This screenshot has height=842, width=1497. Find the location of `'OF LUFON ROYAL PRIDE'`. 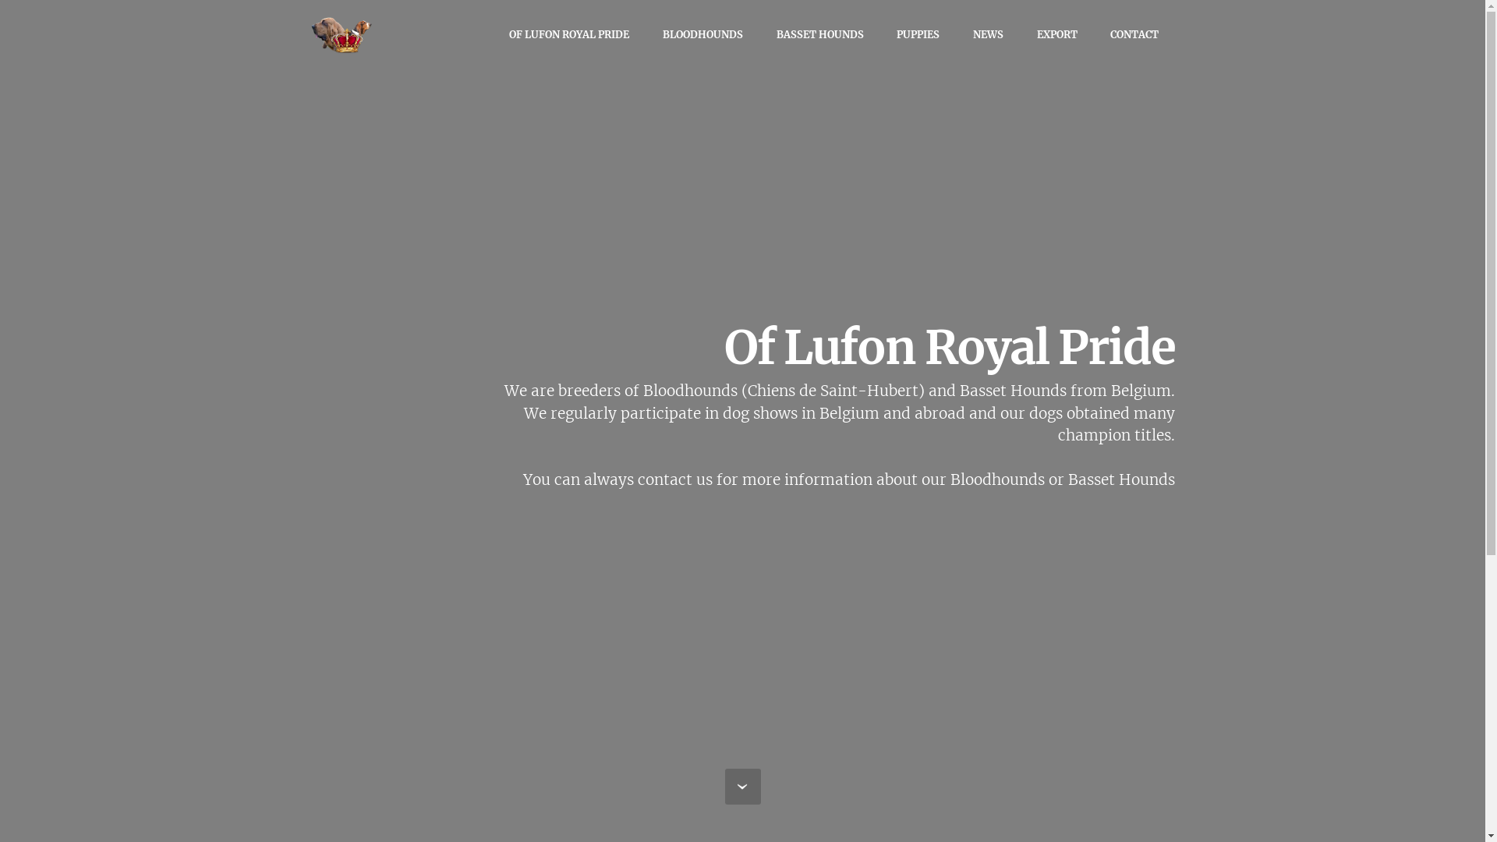

'OF LUFON ROYAL PRIDE' is located at coordinates (568, 34).